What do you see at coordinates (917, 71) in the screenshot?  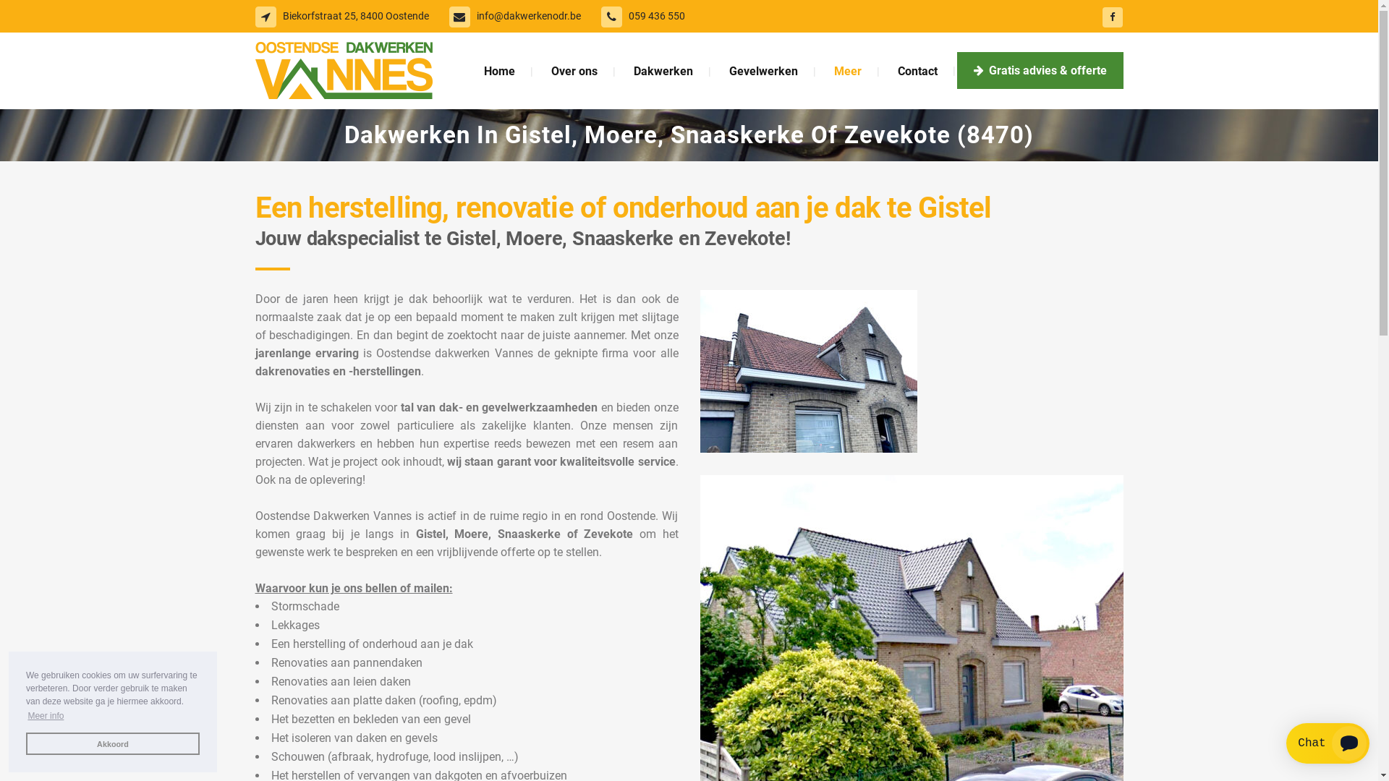 I see `'Contact'` at bounding box center [917, 71].